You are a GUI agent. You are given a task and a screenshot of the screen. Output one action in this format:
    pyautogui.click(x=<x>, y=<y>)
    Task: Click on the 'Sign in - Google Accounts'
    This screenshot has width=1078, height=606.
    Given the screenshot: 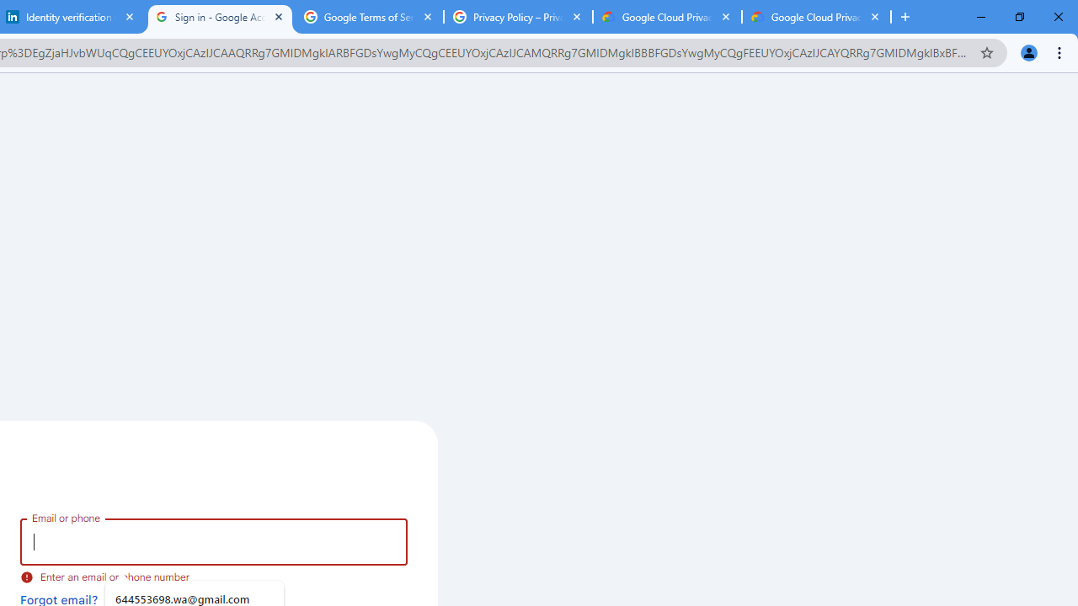 What is the action you would take?
    pyautogui.click(x=219, y=17)
    